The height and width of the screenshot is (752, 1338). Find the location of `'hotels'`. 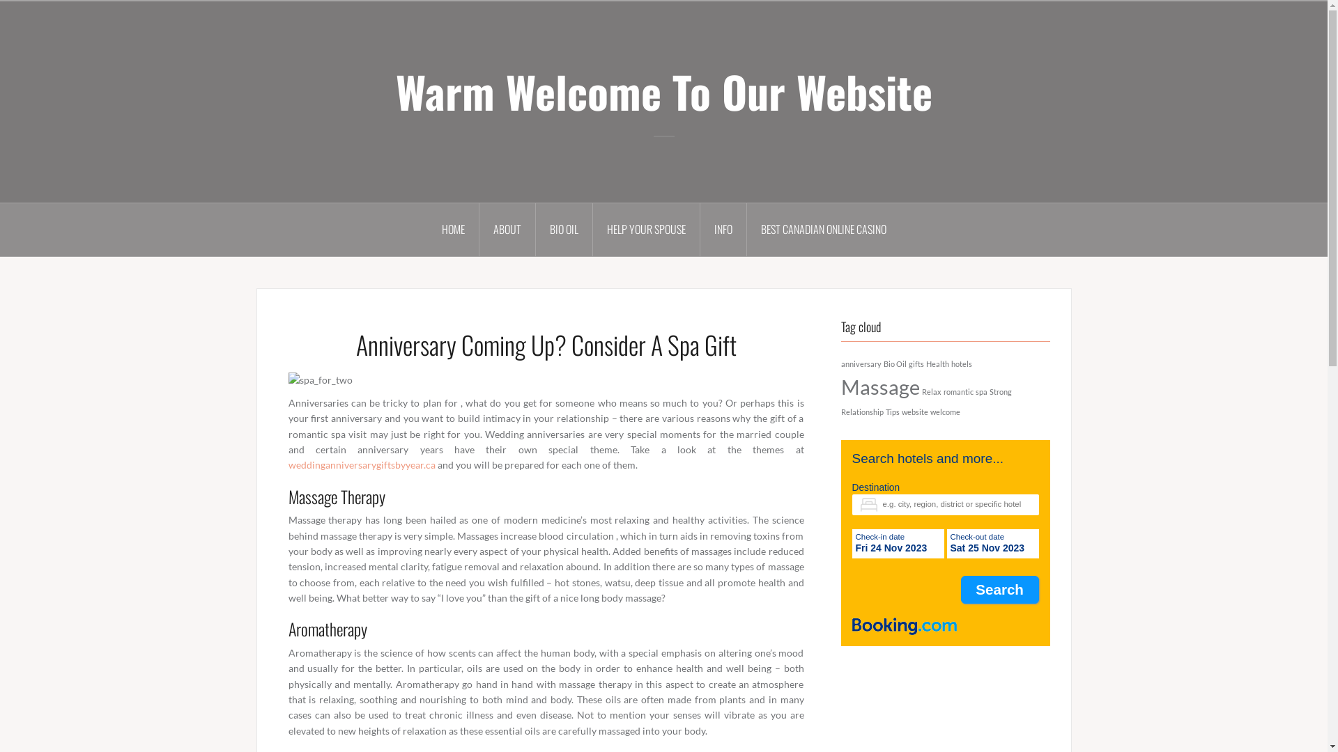

'hotels' is located at coordinates (960, 363).